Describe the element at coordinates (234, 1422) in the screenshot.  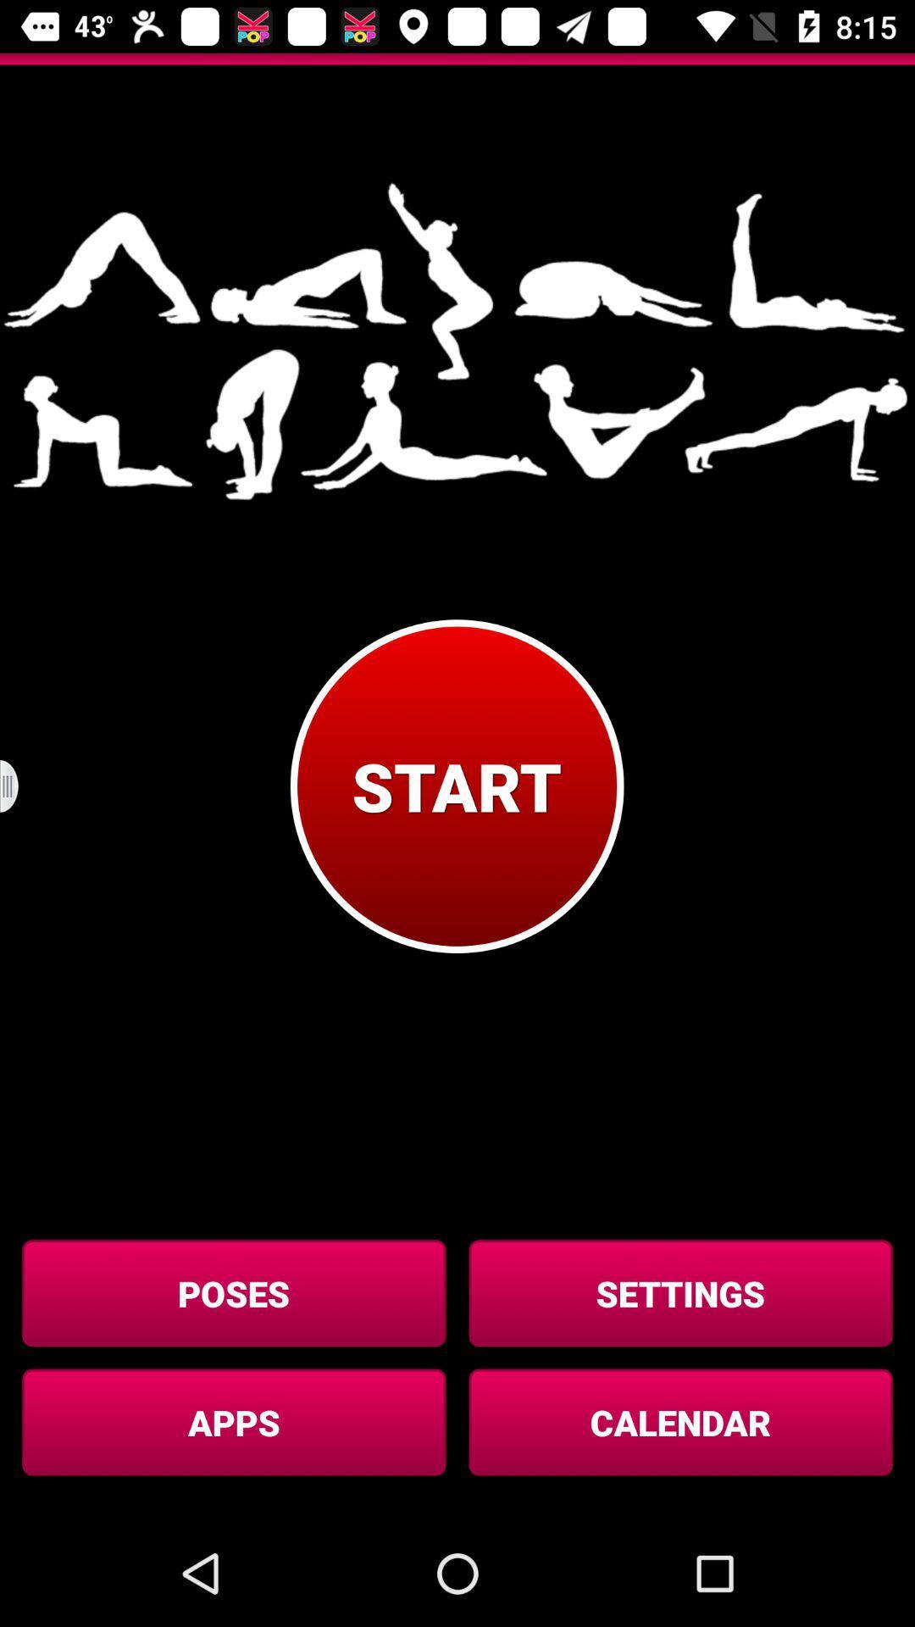
I see `the button to the left of calendar button` at that location.